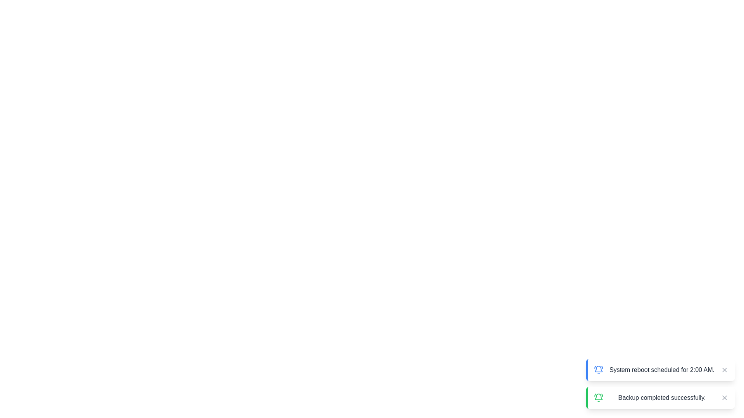 This screenshot has width=744, height=418. Describe the element at coordinates (598, 370) in the screenshot. I see `the notification icon to interact with it` at that location.